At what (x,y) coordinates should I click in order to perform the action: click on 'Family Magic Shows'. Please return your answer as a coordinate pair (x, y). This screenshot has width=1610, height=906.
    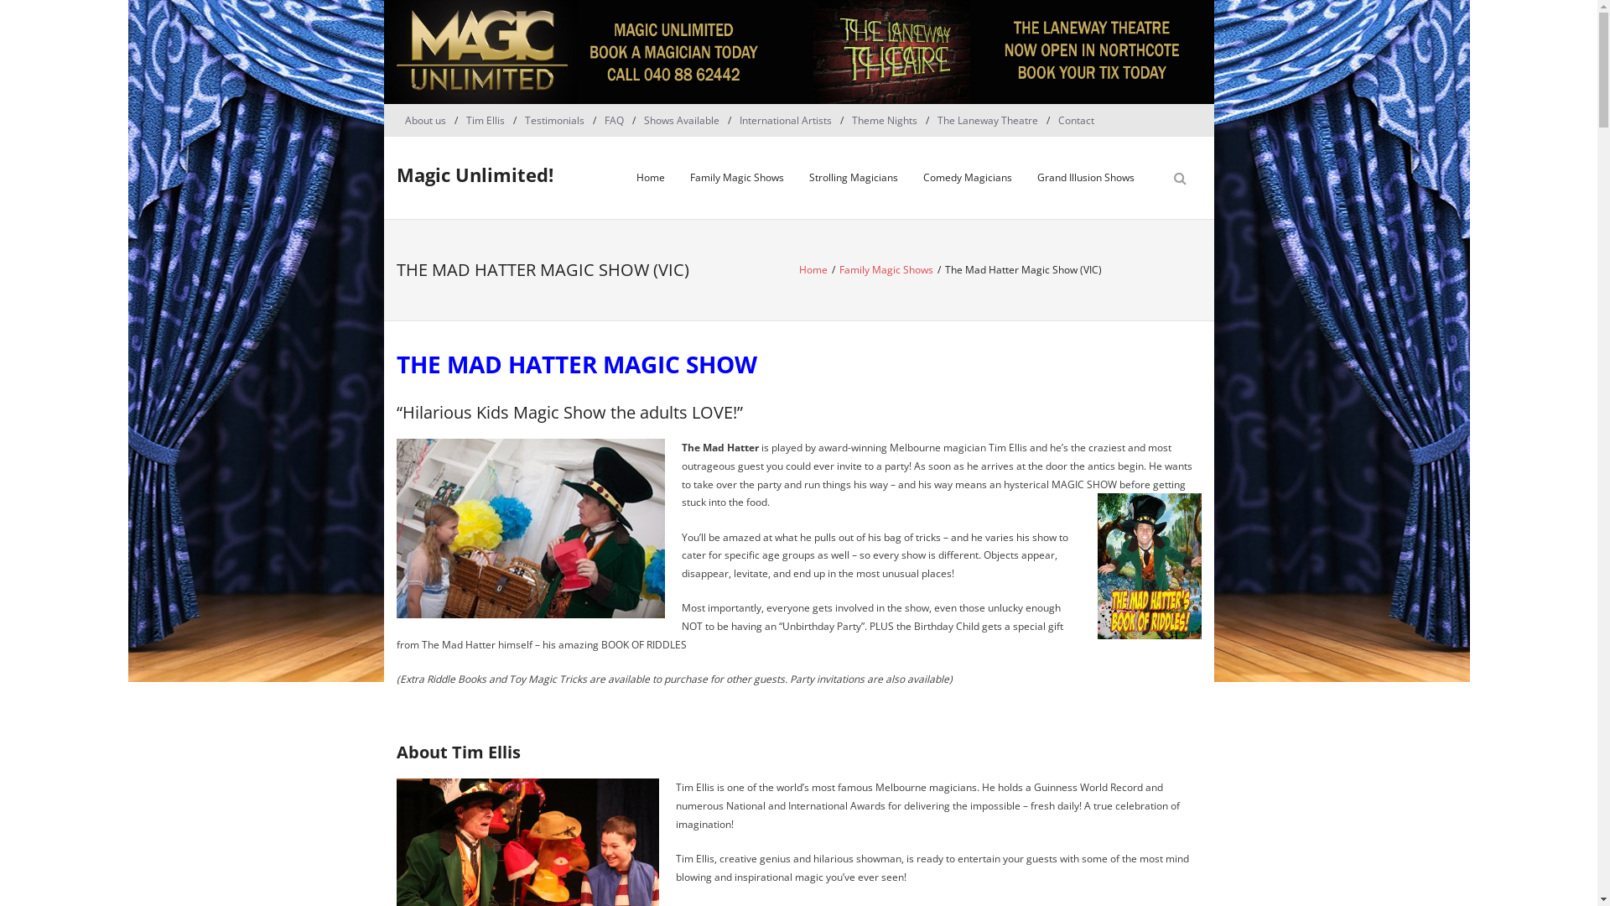
    Looking at the image, I should click on (677, 178).